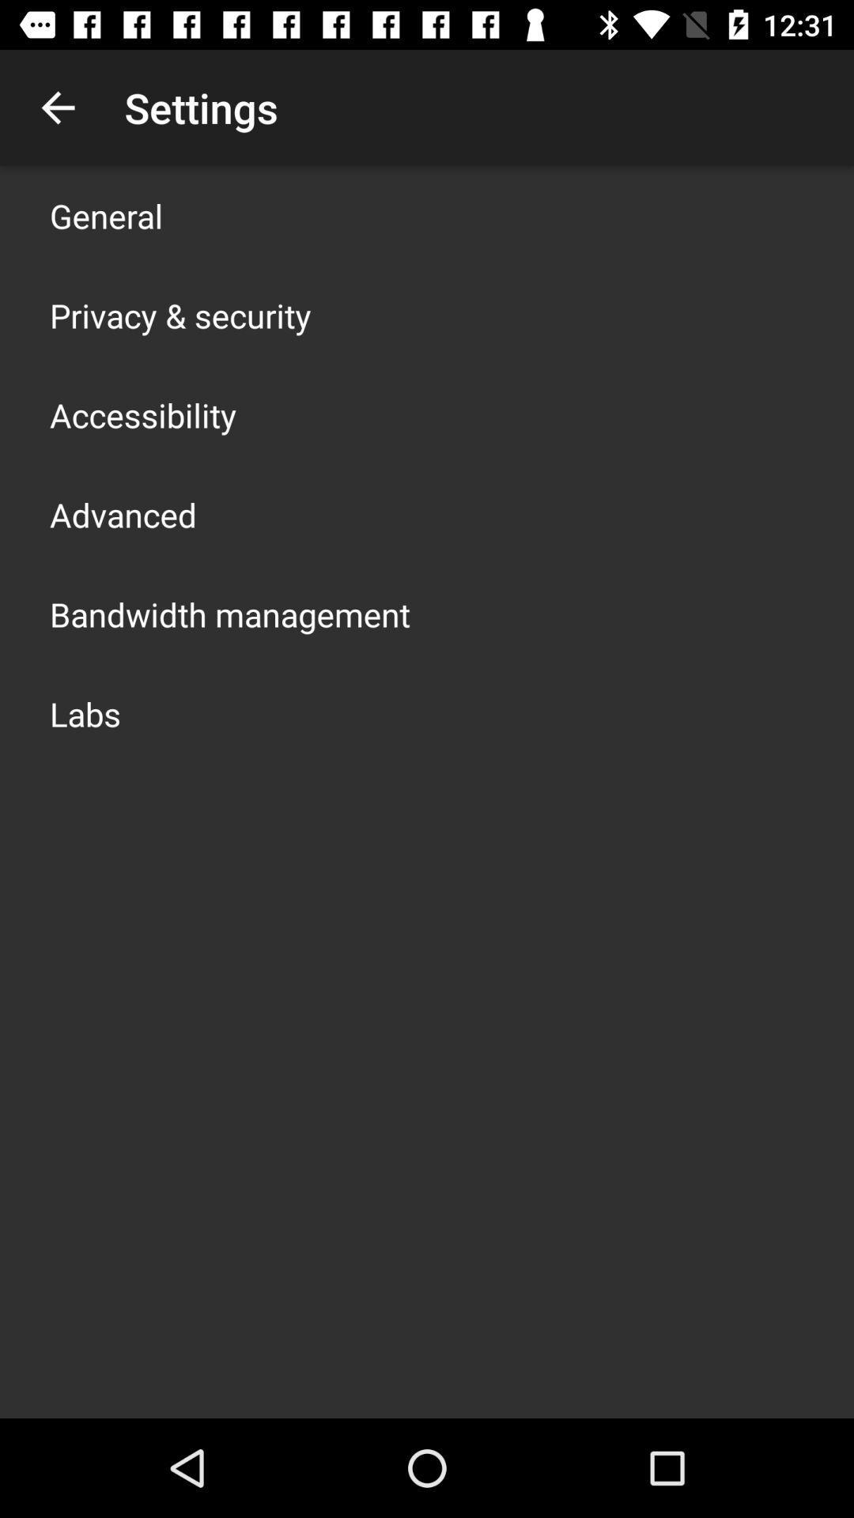 The image size is (854, 1518). What do you see at coordinates (122, 515) in the screenshot?
I see `the icon above bandwidth management app` at bounding box center [122, 515].